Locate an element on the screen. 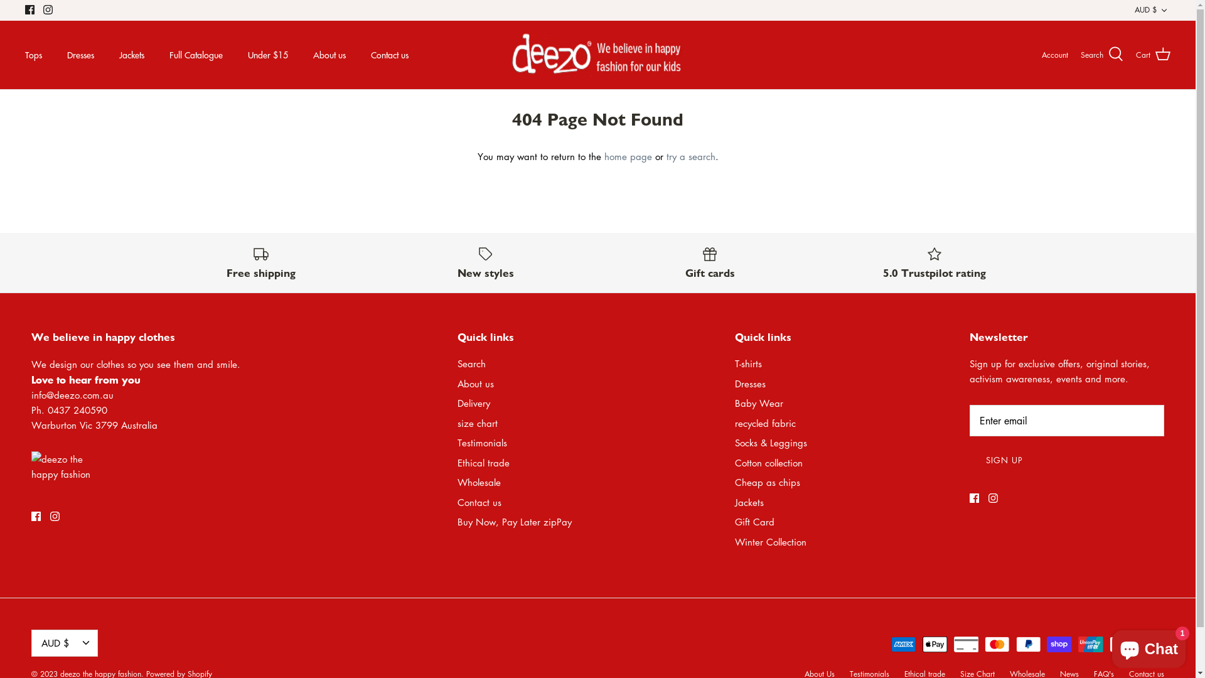 This screenshot has width=1205, height=678. 'info@deezo.com.au' is located at coordinates (72, 394).